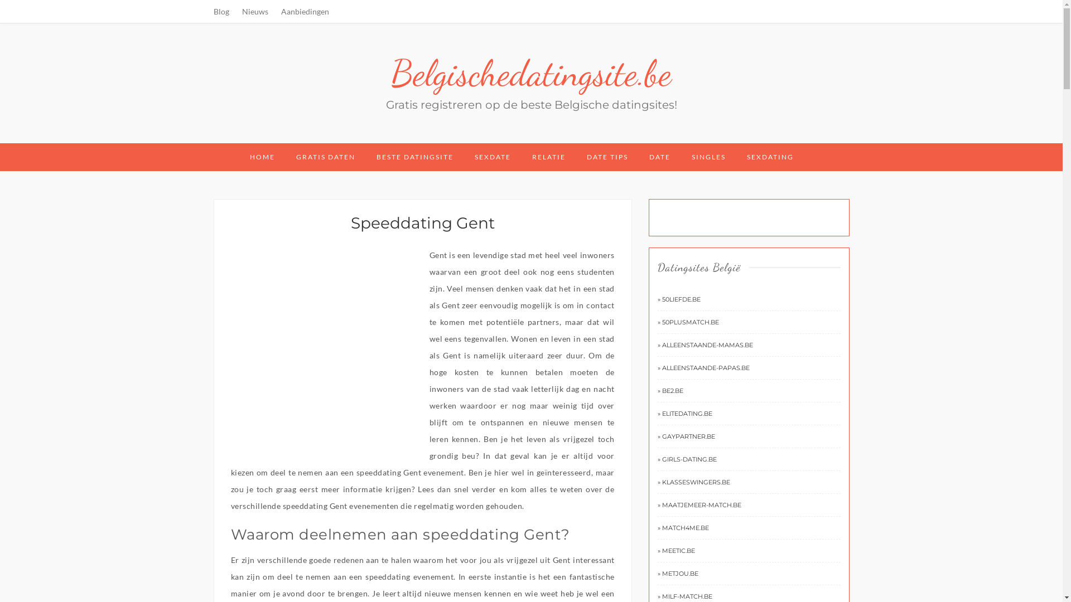  I want to click on 'GRATIS DATEN', so click(324, 157).